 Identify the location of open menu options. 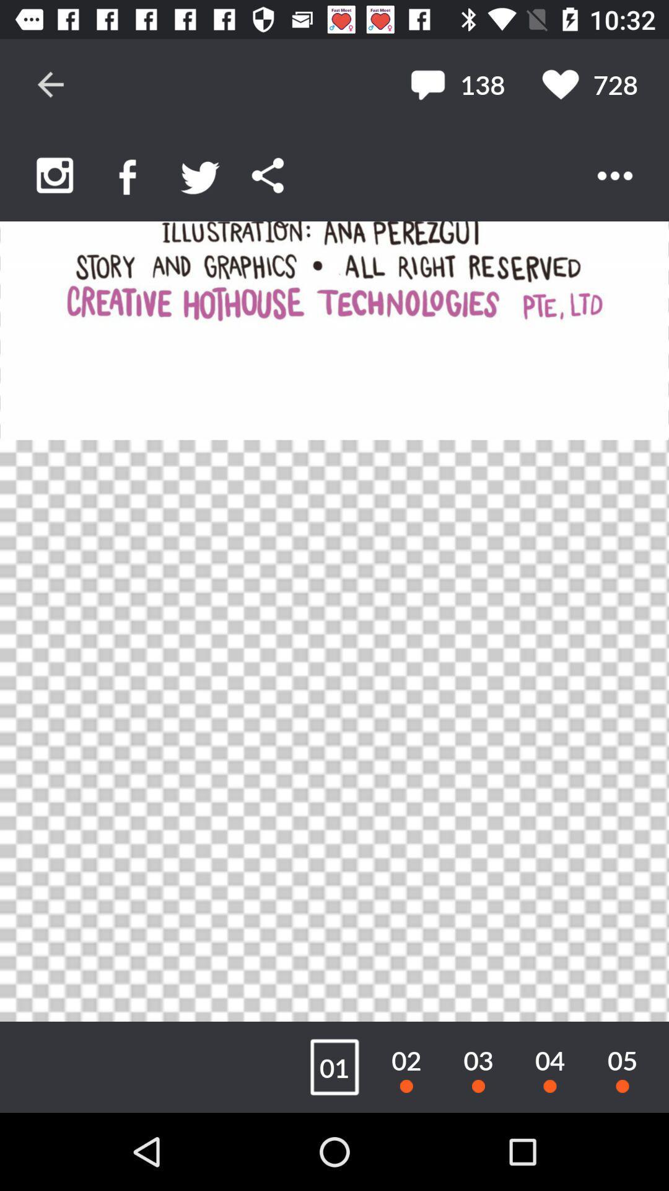
(614, 175).